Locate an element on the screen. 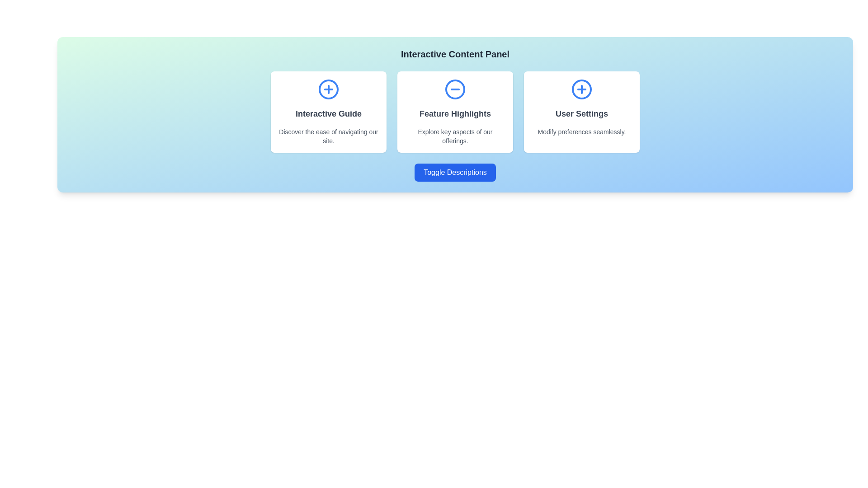  the button labeled 'Toggle Descriptions' with a blue background to observe a change in background color is located at coordinates (455, 172).